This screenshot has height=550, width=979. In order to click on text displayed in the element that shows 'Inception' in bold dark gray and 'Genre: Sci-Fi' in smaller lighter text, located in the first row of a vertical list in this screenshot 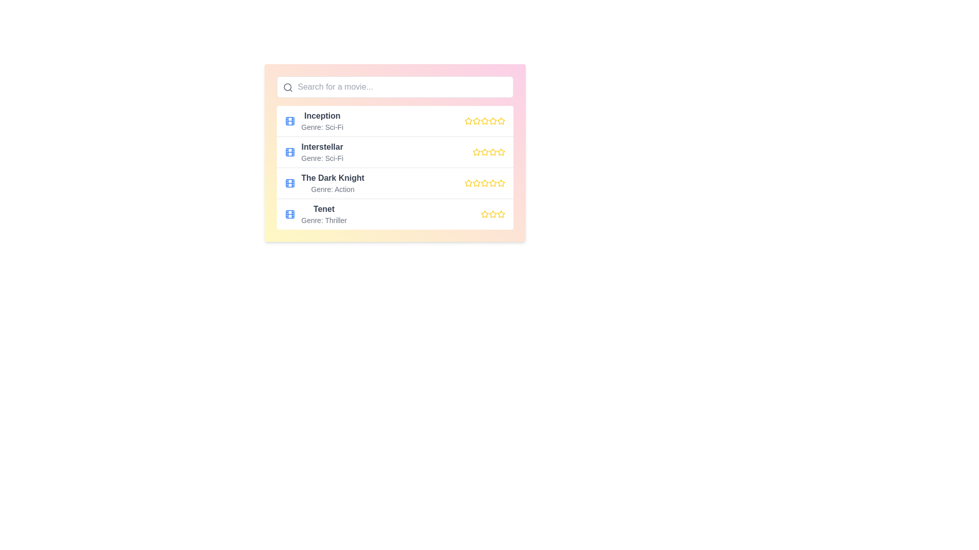, I will do `click(322, 121)`.